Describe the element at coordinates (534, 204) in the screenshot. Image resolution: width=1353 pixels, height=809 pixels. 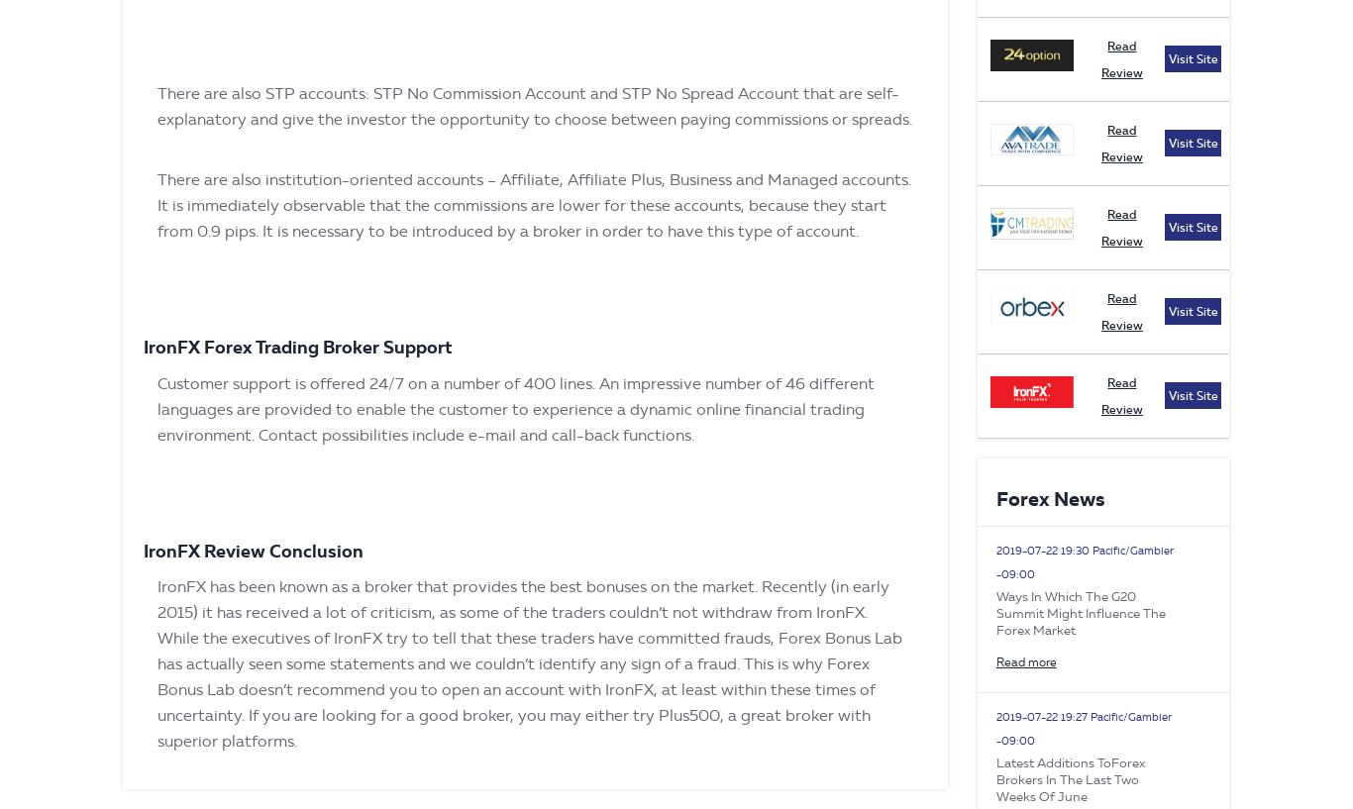
I see `'There are also institution-oriented accounts – Affiliate, Affiliate Plus, Business and Managed accounts. It is immediately observable that the commissions are lower for these accounts, because they start from 0.9 pips. It is necessary to be introduced by a broker in order to have this type of account.'` at that location.